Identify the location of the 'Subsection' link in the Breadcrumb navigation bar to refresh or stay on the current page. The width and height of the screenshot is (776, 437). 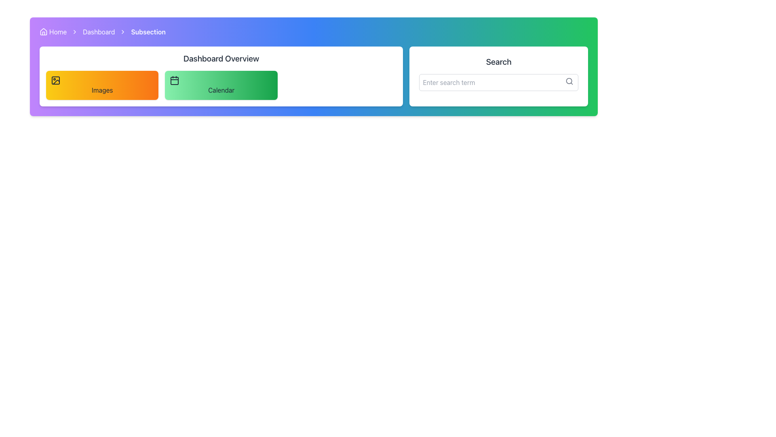
(313, 31).